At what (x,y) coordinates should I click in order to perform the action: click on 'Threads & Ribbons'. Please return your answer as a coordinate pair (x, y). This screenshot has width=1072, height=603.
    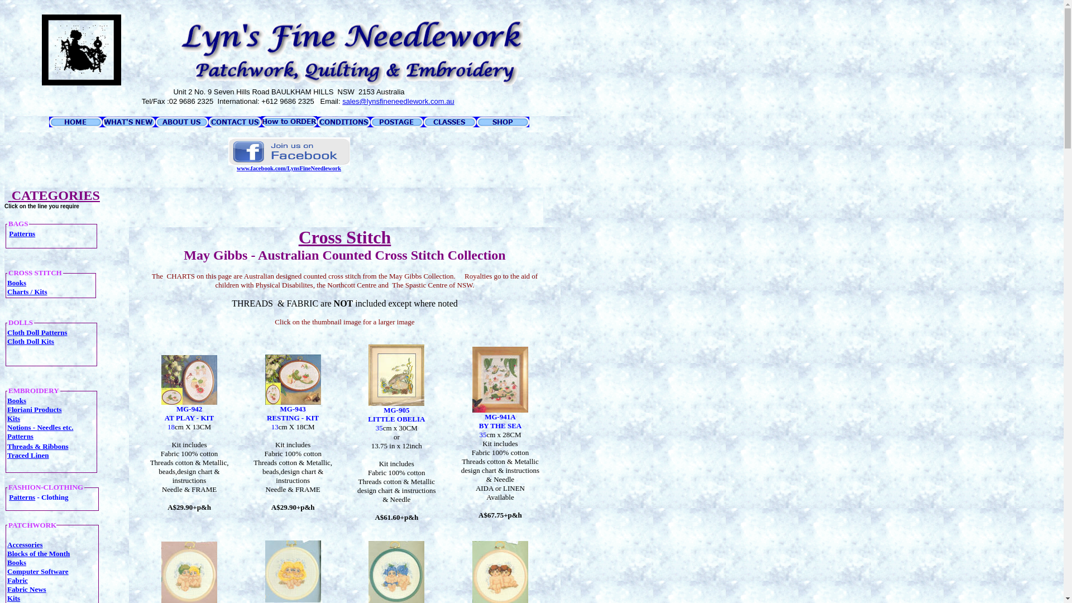
    Looking at the image, I should click on (37, 446).